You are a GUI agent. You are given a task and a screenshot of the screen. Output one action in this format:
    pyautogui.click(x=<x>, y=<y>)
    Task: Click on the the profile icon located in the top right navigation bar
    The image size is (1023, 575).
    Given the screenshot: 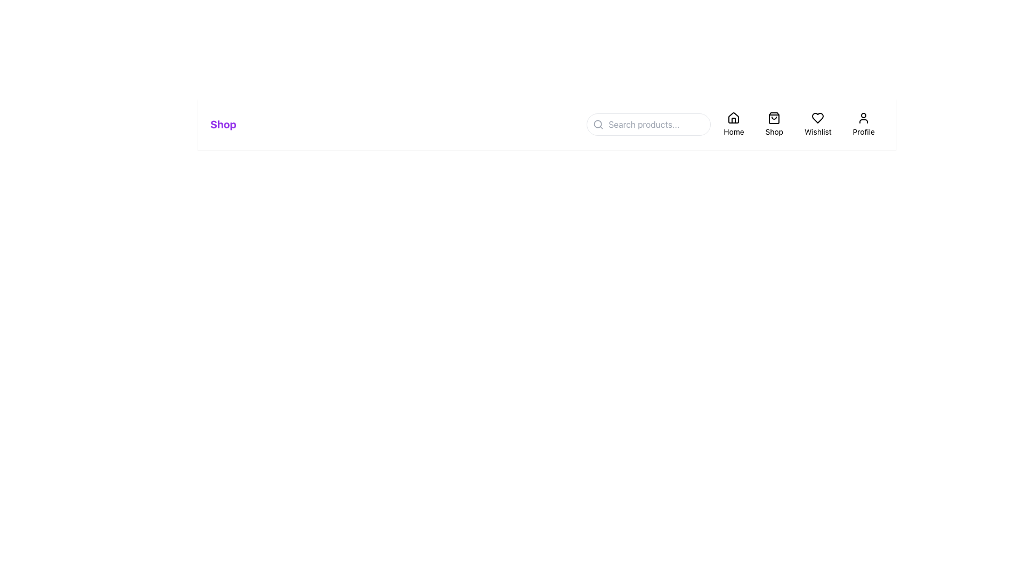 What is the action you would take?
    pyautogui.click(x=864, y=118)
    